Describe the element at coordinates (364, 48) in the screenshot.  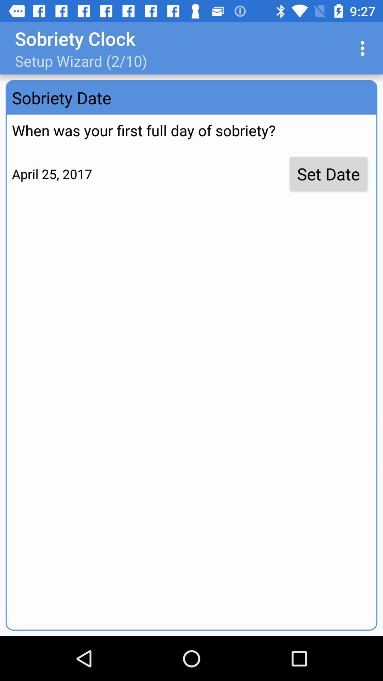
I see `app to the right of the setup wizard 2 app` at that location.